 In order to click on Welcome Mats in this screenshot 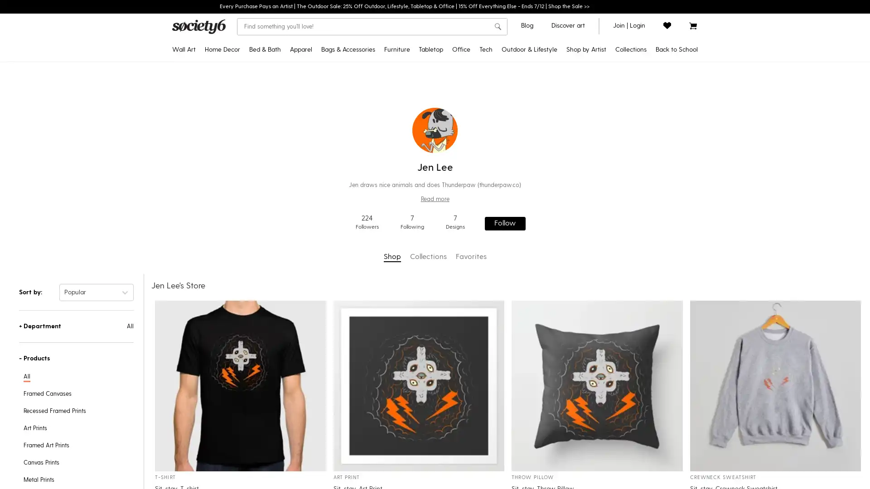, I will do `click(542, 160)`.